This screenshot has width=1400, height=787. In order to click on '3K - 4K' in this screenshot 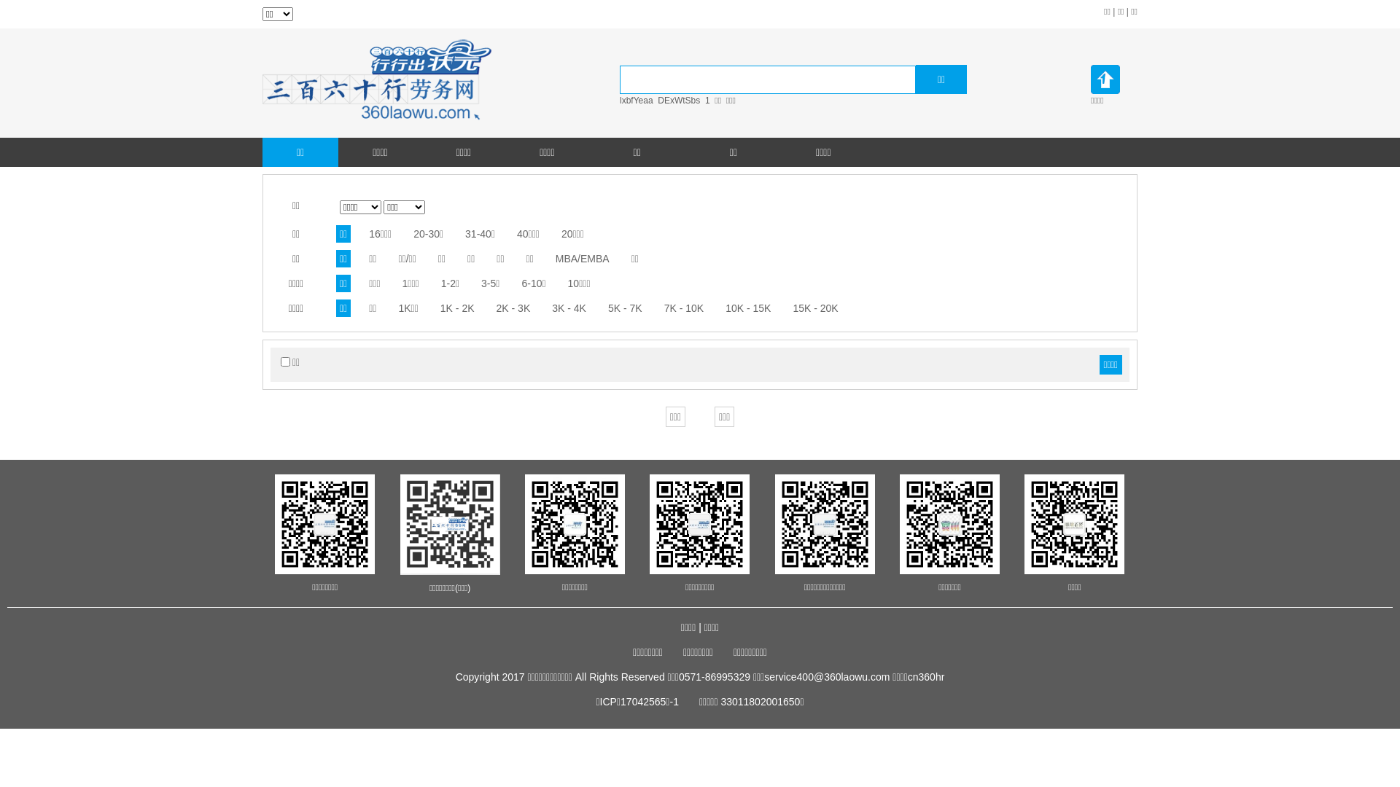, I will do `click(551, 308)`.